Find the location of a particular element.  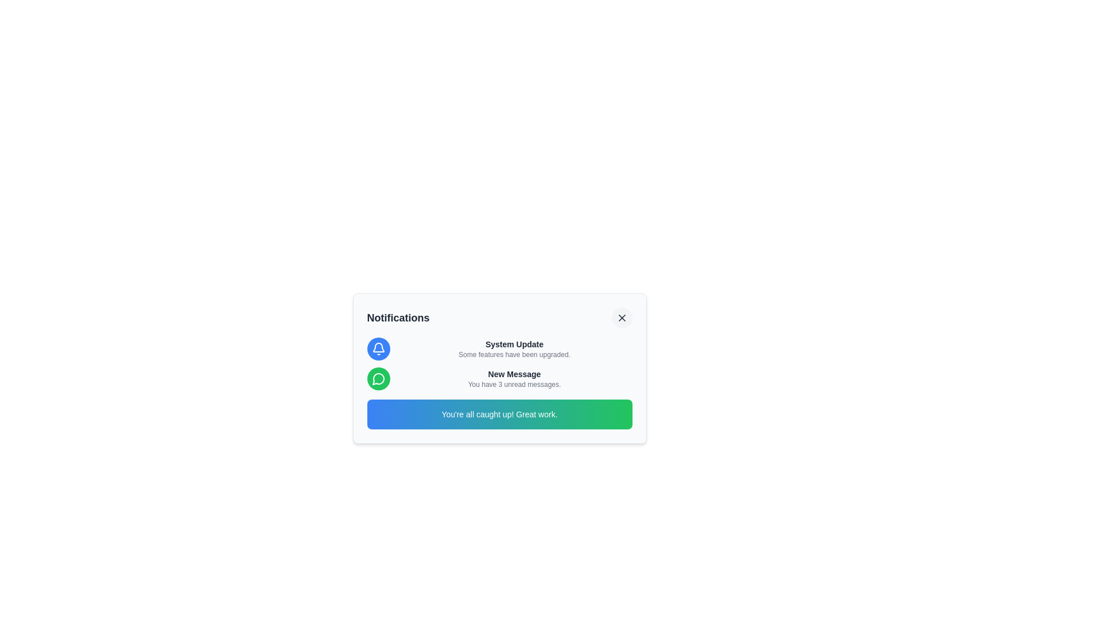

text element that informs the user about the system update, specifically stating 'Some features have been upgraded.' This text is located below the 'System Update' label in the notifications section is located at coordinates (514, 354).